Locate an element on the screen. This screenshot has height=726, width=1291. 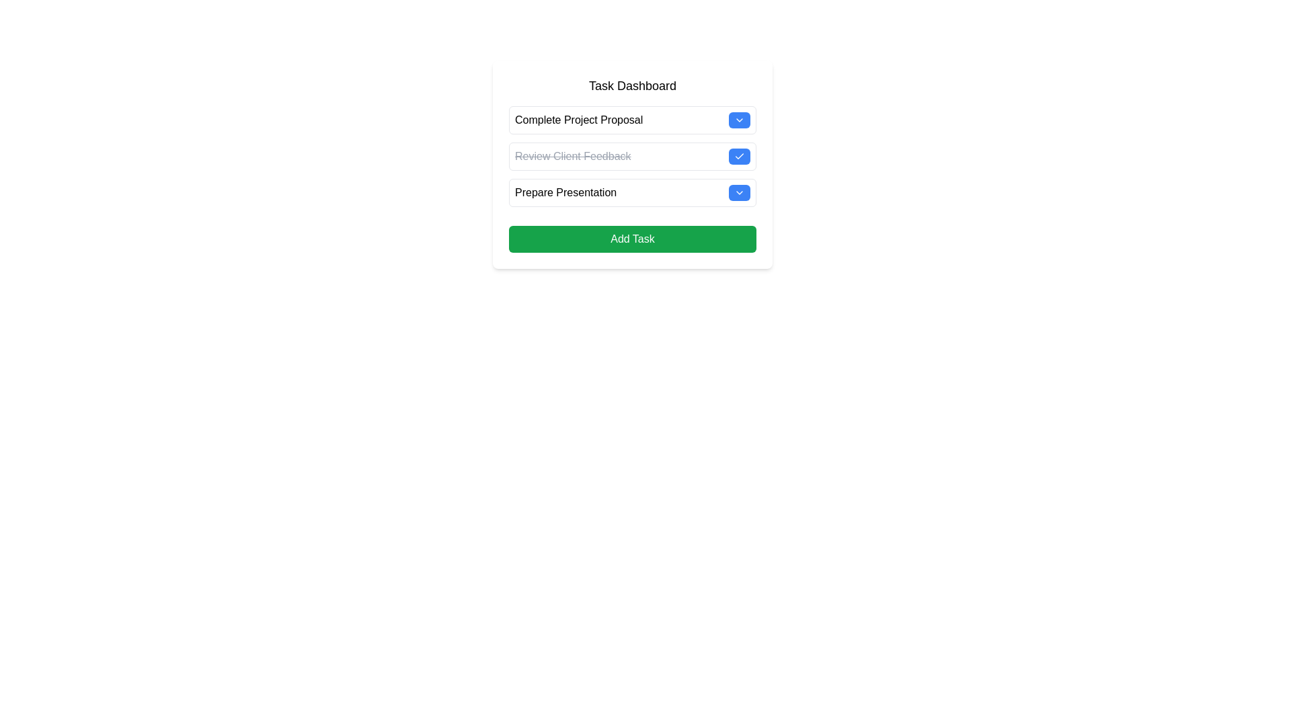
the text label that displays a completed task title, indicated by strikethrough style and gray color is located at coordinates (573, 155).